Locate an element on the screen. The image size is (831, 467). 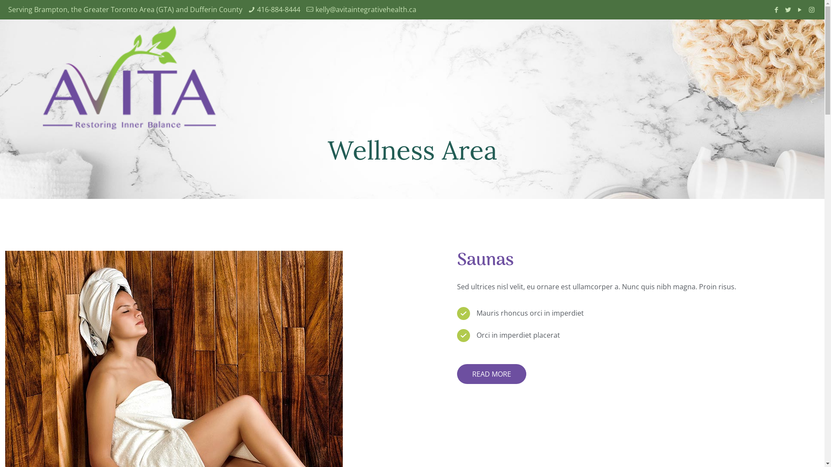
'Facebook' is located at coordinates (772, 10).